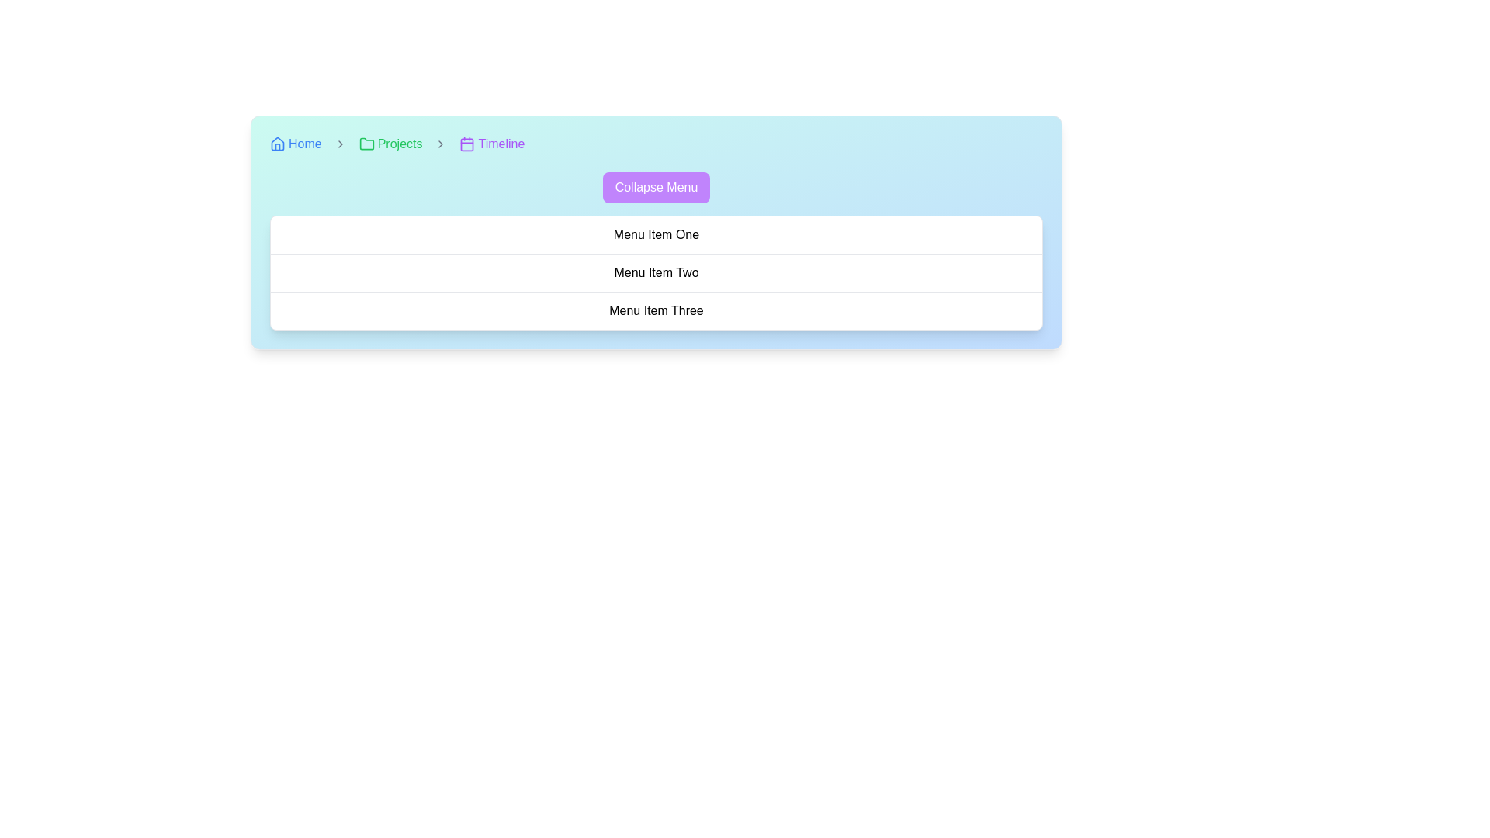 This screenshot has width=1490, height=838. Describe the element at coordinates (656, 310) in the screenshot. I see `the third button-like text-based menu item in a vertically stacked menu, located below 'Menu Item Two'` at that location.